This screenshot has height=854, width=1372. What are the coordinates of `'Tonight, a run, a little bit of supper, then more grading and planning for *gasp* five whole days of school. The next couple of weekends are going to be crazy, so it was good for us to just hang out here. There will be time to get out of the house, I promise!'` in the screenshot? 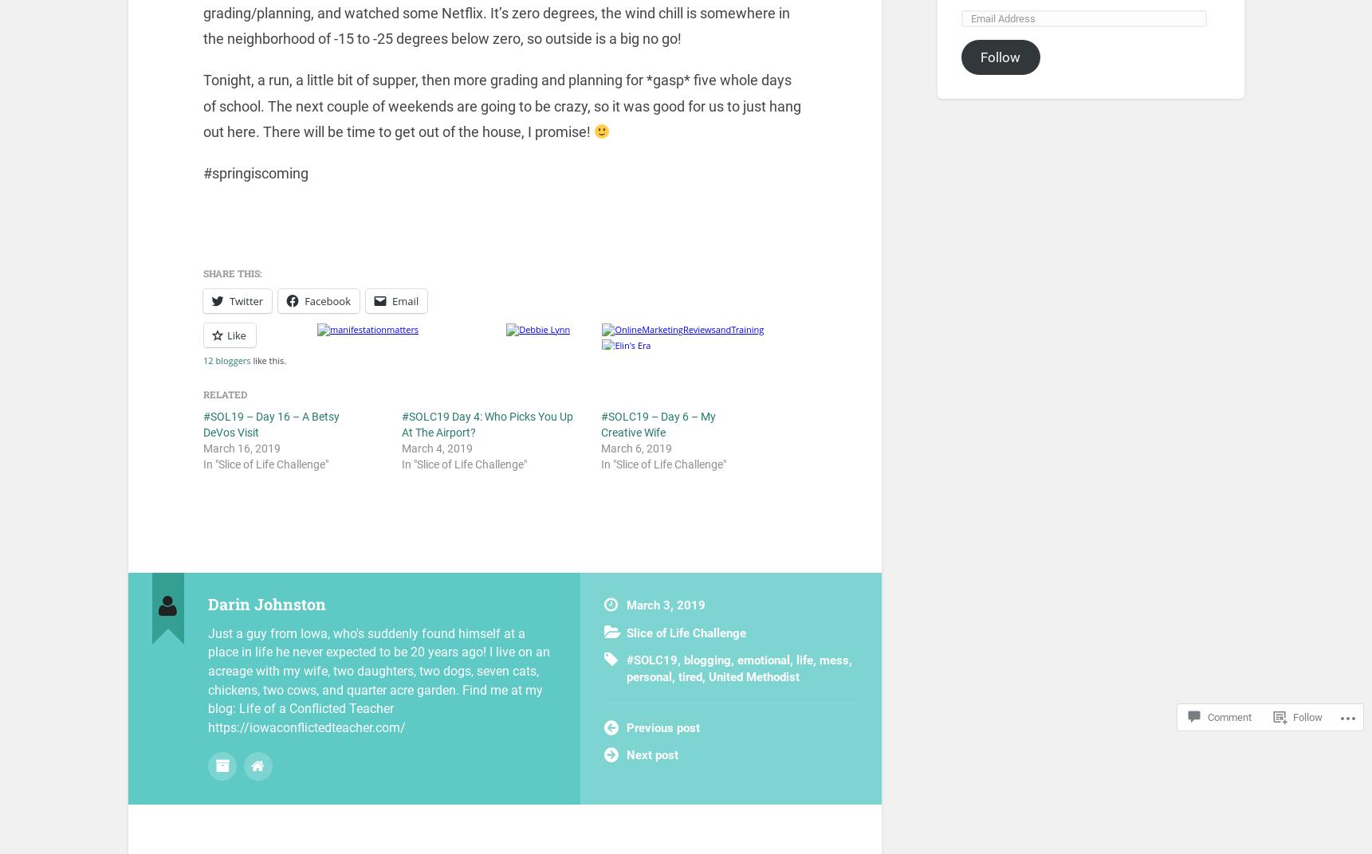 It's located at (502, 106).